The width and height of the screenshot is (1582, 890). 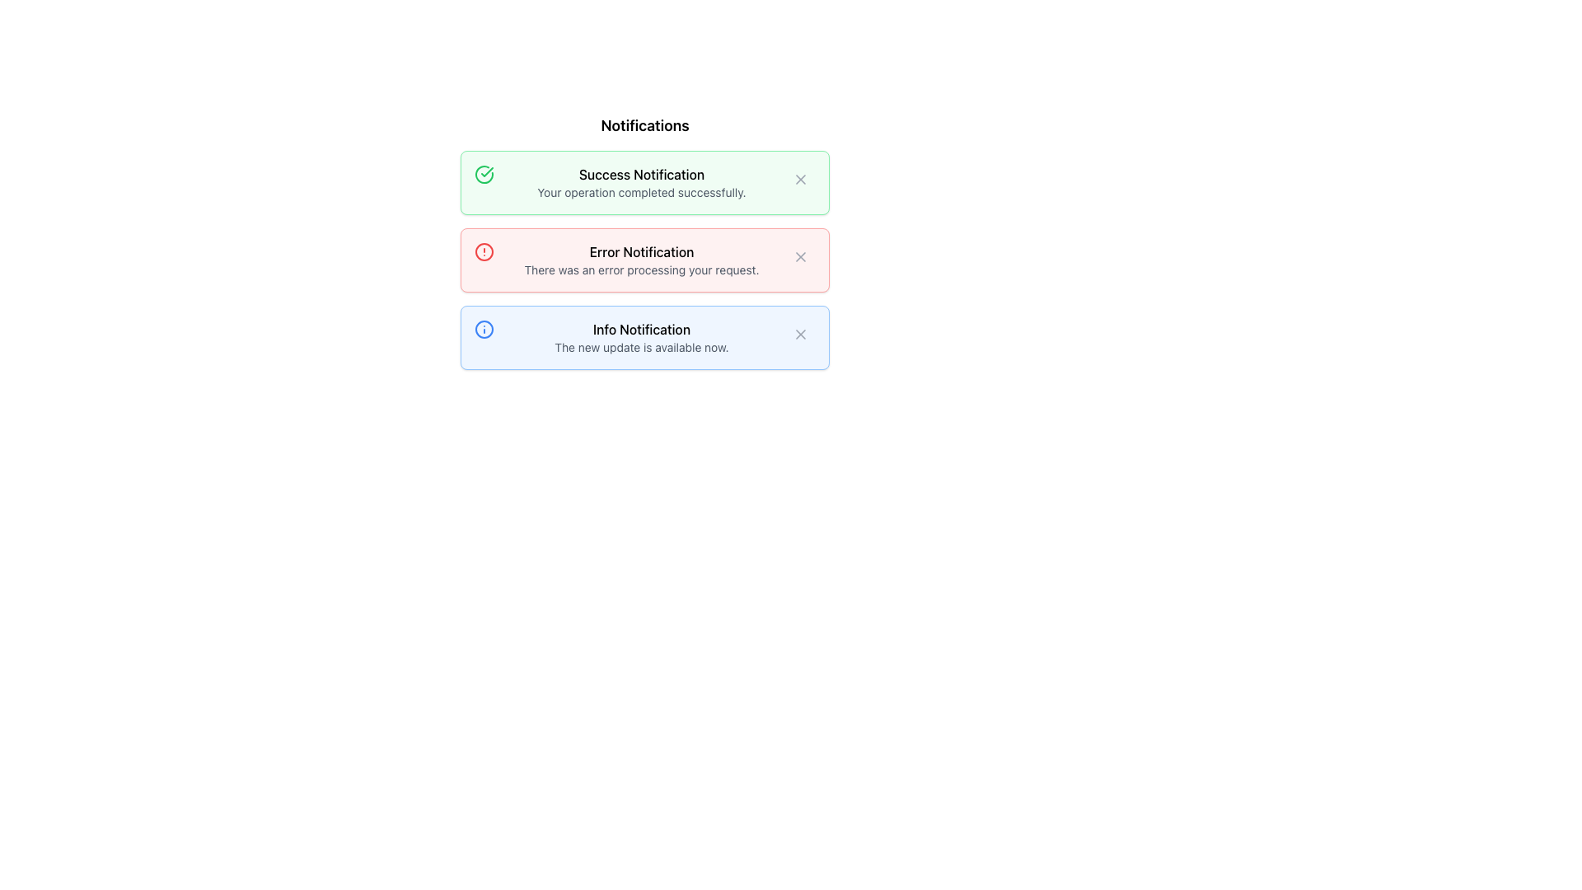 I want to click on the check mark SVG graphic that serves as a visual indicator for success, located on the left side of the 'Success Notification' title, so click(x=486, y=171).